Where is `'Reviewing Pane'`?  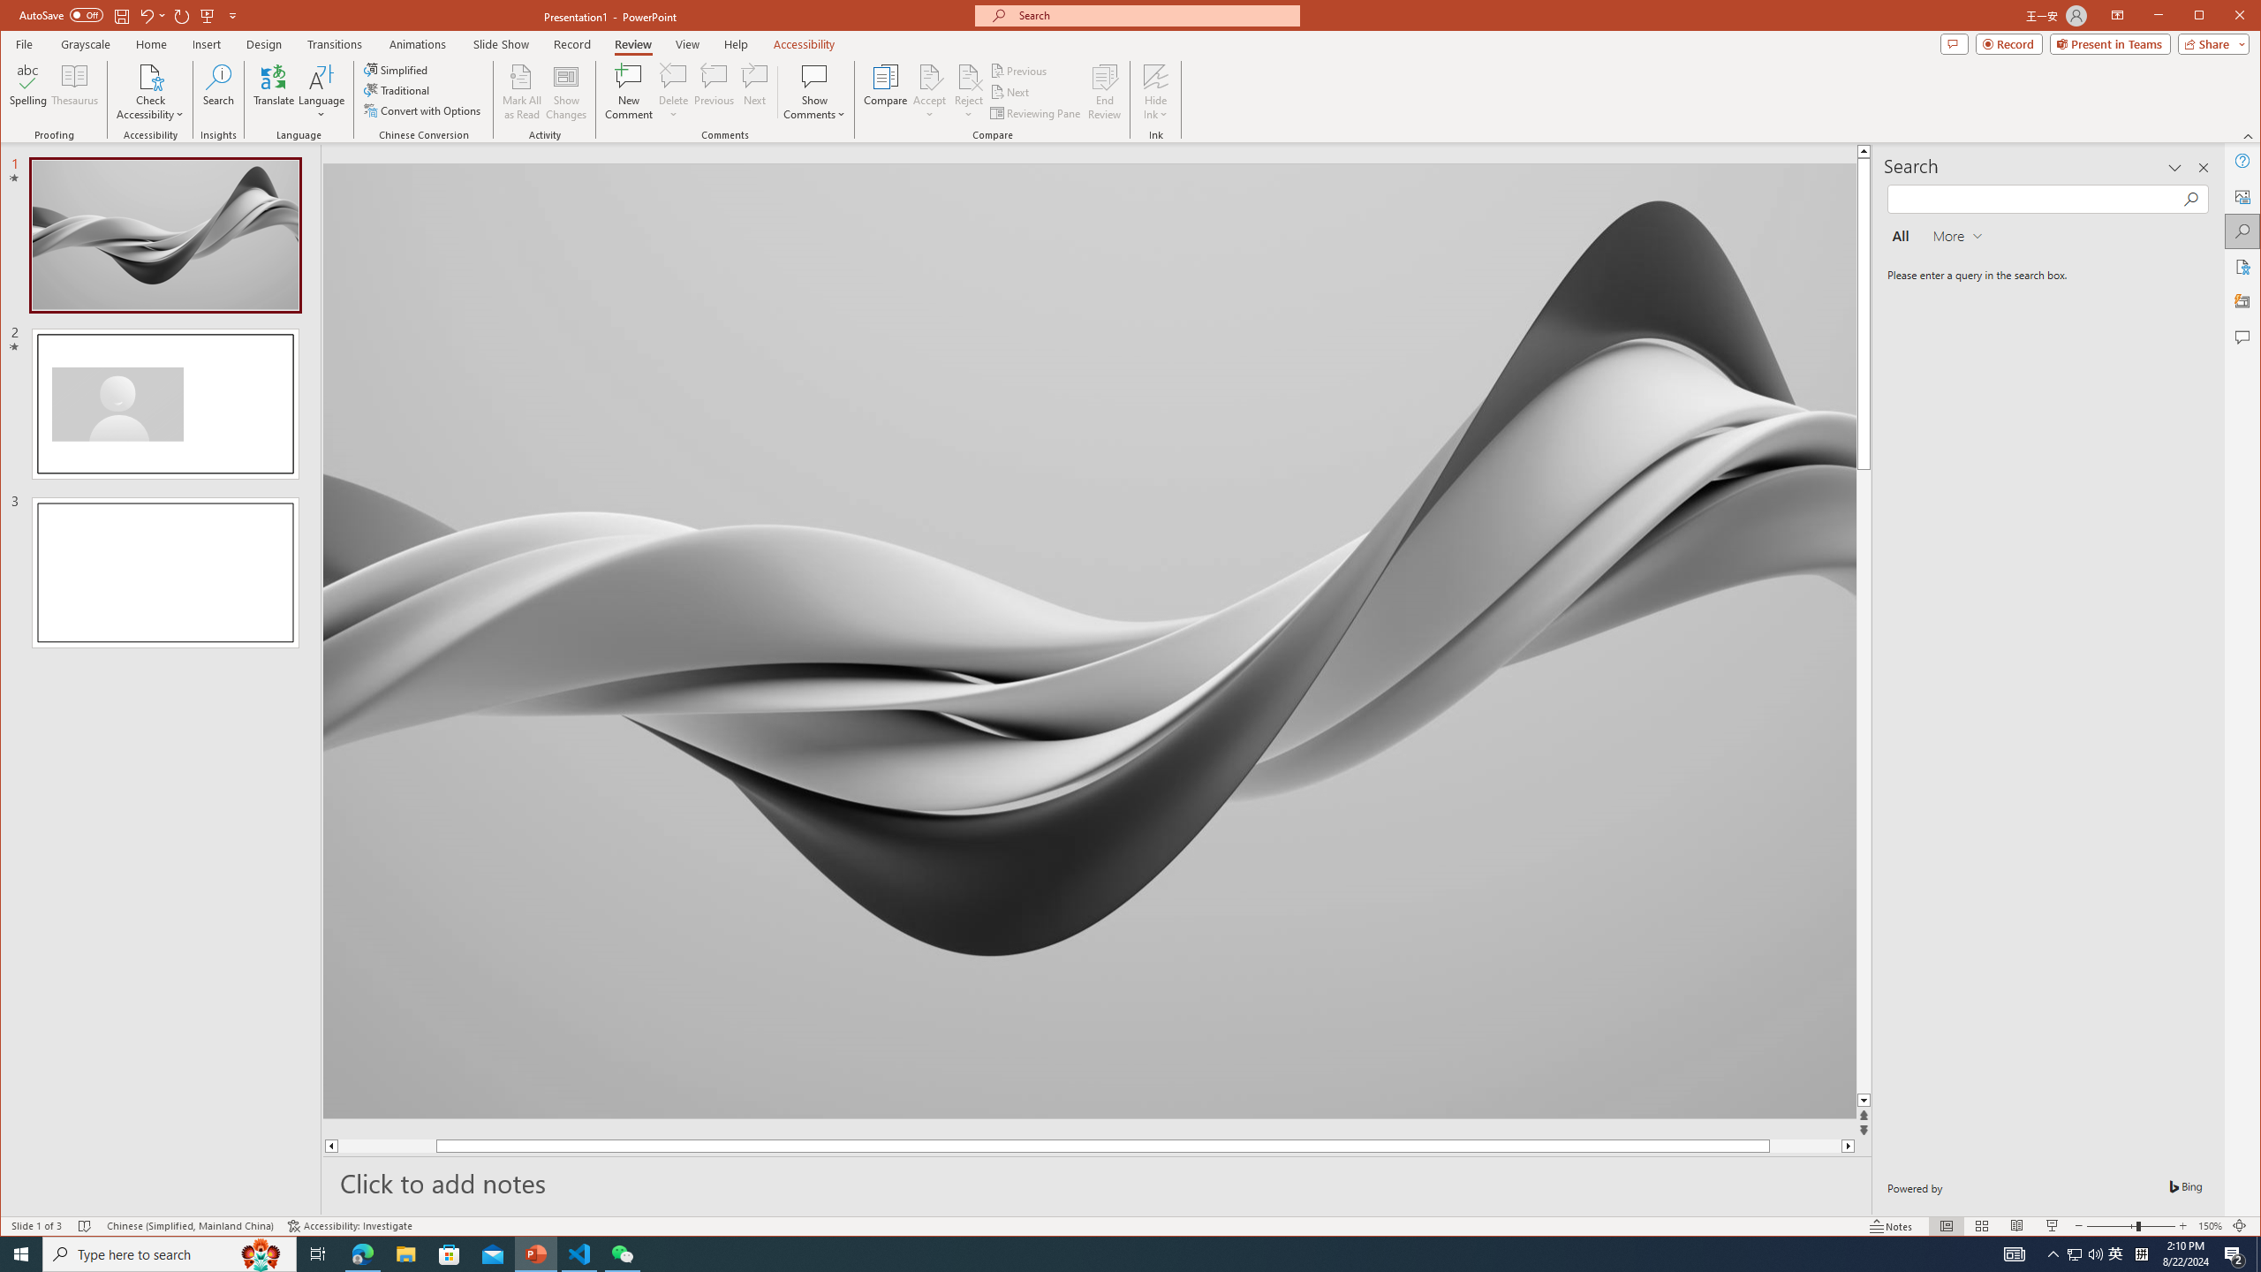 'Reviewing Pane' is located at coordinates (1036, 112).